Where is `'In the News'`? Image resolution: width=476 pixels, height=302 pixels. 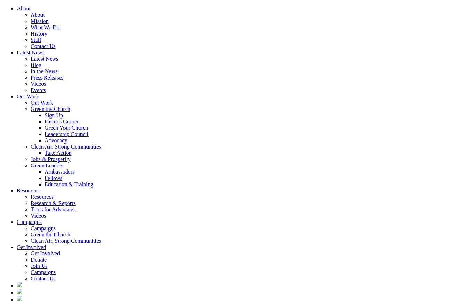
'In the News' is located at coordinates (44, 71).